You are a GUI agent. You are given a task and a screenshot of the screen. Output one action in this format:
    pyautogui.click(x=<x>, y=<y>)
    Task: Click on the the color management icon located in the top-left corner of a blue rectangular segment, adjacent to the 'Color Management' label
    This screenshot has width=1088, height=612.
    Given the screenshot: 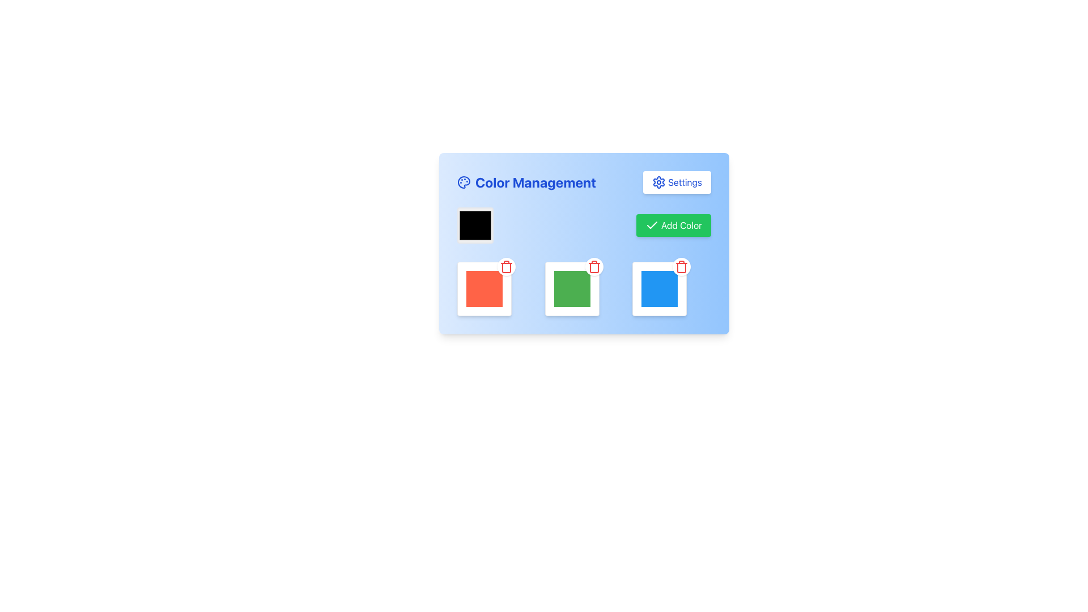 What is the action you would take?
    pyautogui.click(x=464, y=181)
    